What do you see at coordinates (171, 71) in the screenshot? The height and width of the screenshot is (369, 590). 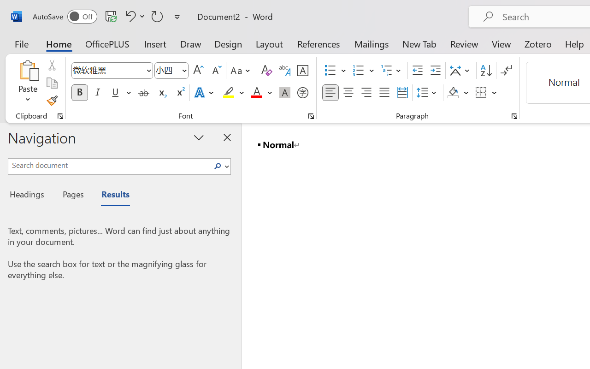 I see `'Font Size'` at bounding box center [171, 71].